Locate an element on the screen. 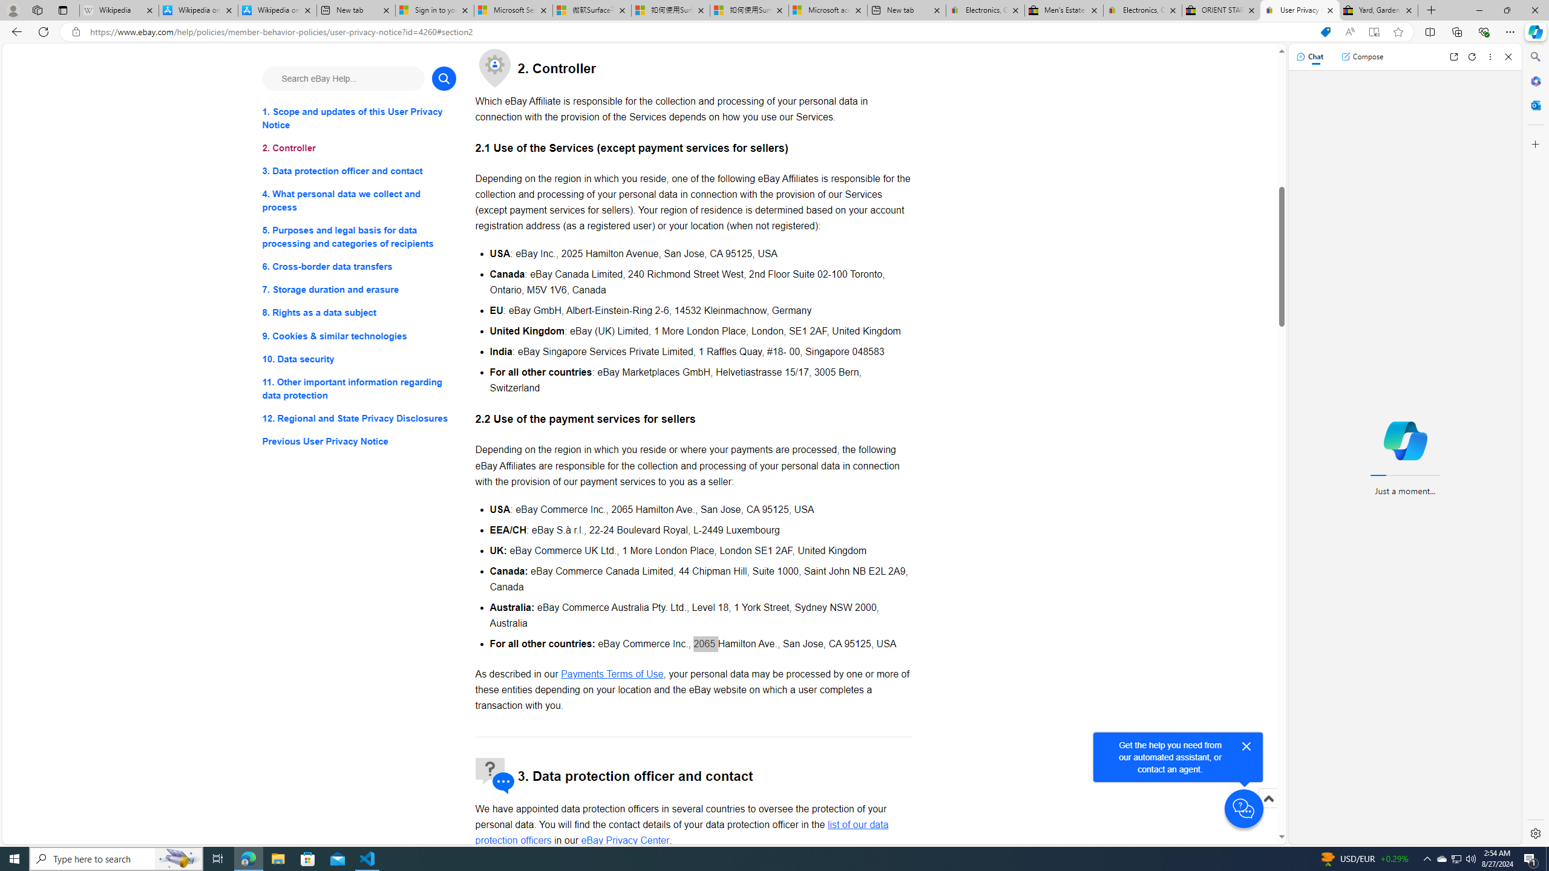 This screenshot has height=871, width=1549. '6. Cross-border data transfers' is located at coordinates (358, 267).